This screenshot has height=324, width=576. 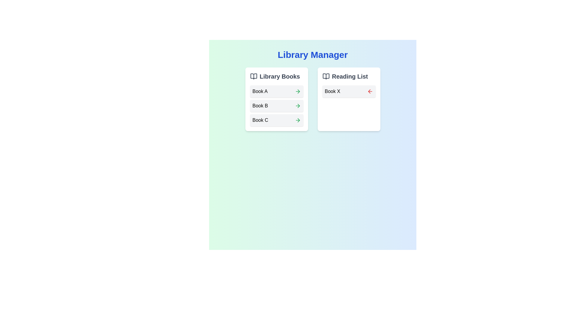 I want to click on the 'Library Books' SVG icon located in the header, which visually represents the 'Library Books' category, so click(x=253, y=76).